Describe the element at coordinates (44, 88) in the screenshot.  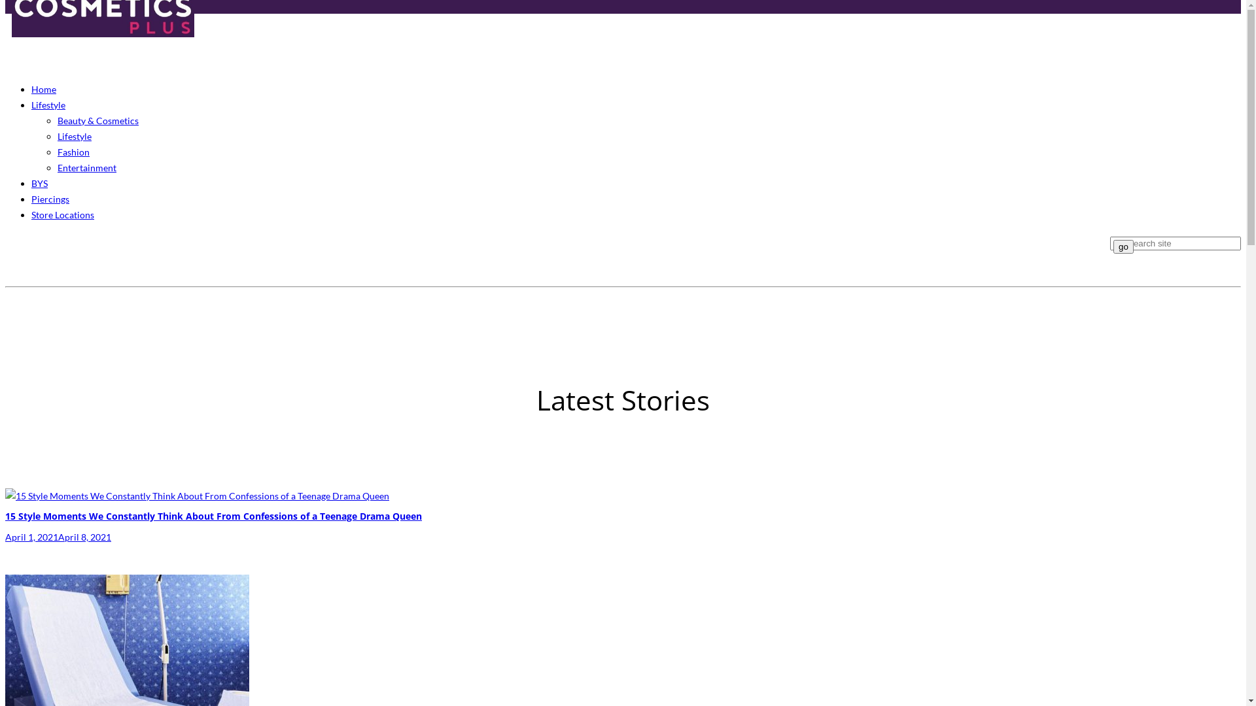
I see `'Home'` at that location.